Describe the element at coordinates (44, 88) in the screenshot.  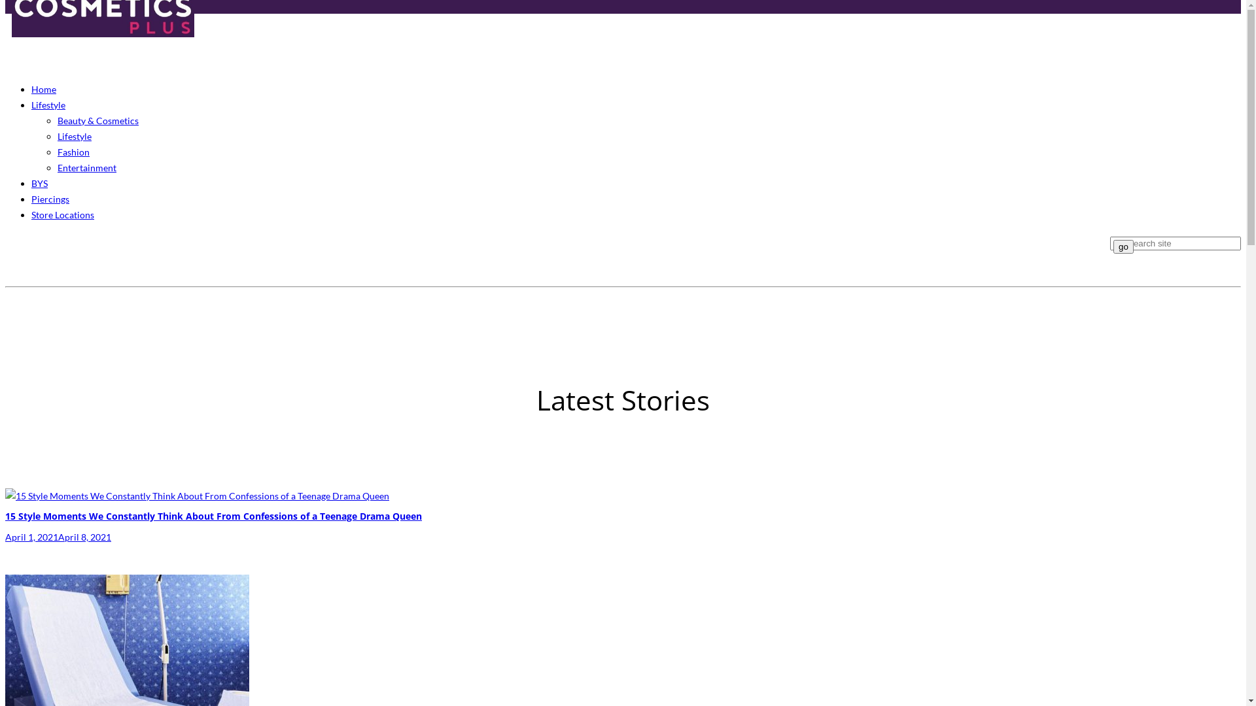
I see `'Home'` at that location.